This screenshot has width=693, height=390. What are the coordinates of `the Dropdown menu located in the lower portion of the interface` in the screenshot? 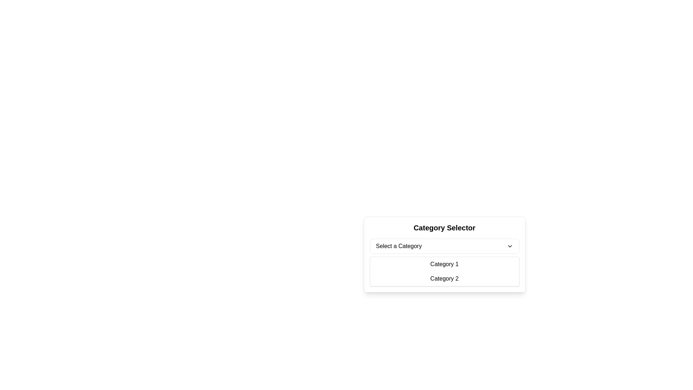 It's located at (444, 266).